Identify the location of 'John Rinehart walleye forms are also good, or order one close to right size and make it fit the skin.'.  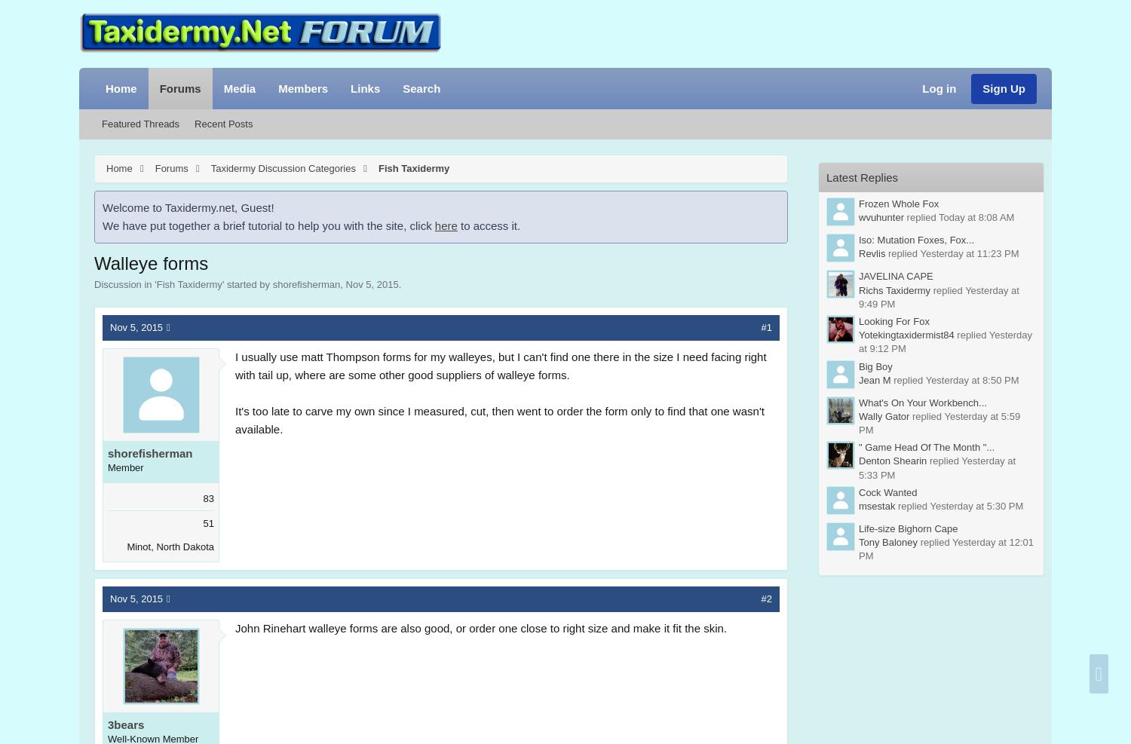
(480, 627).